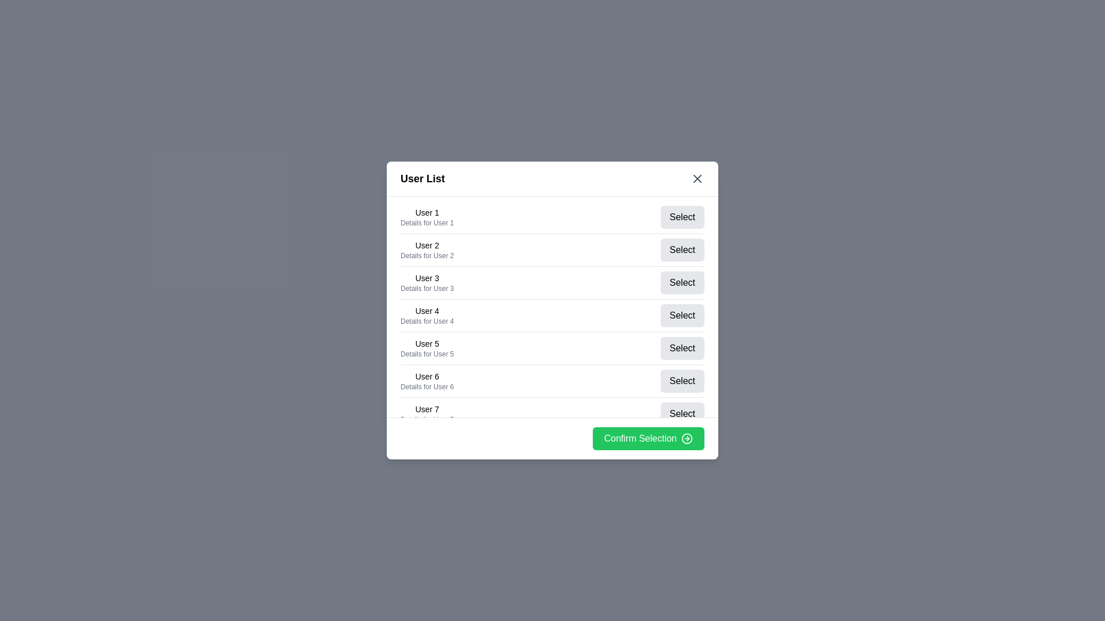 The image size is (1105, 621). What do you see at coordinates (682, 315) in the screenshot?
I see `'Select' button for user 4` at bounding box center [682, 315].